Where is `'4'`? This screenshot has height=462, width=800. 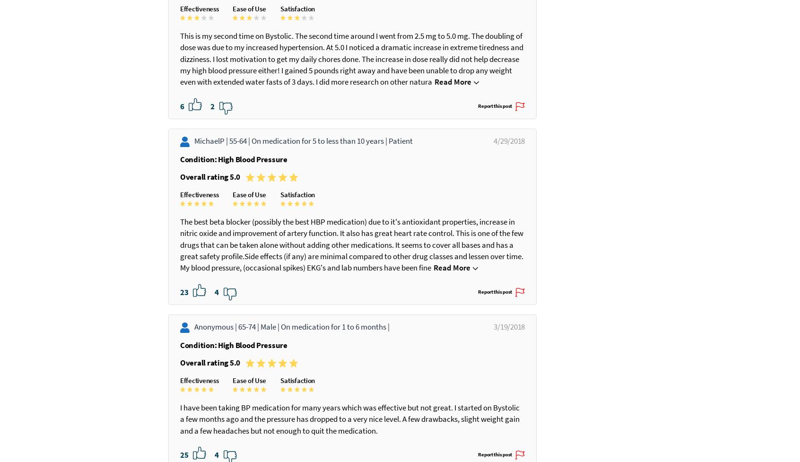 '4' is located at coordinates (217, 372).